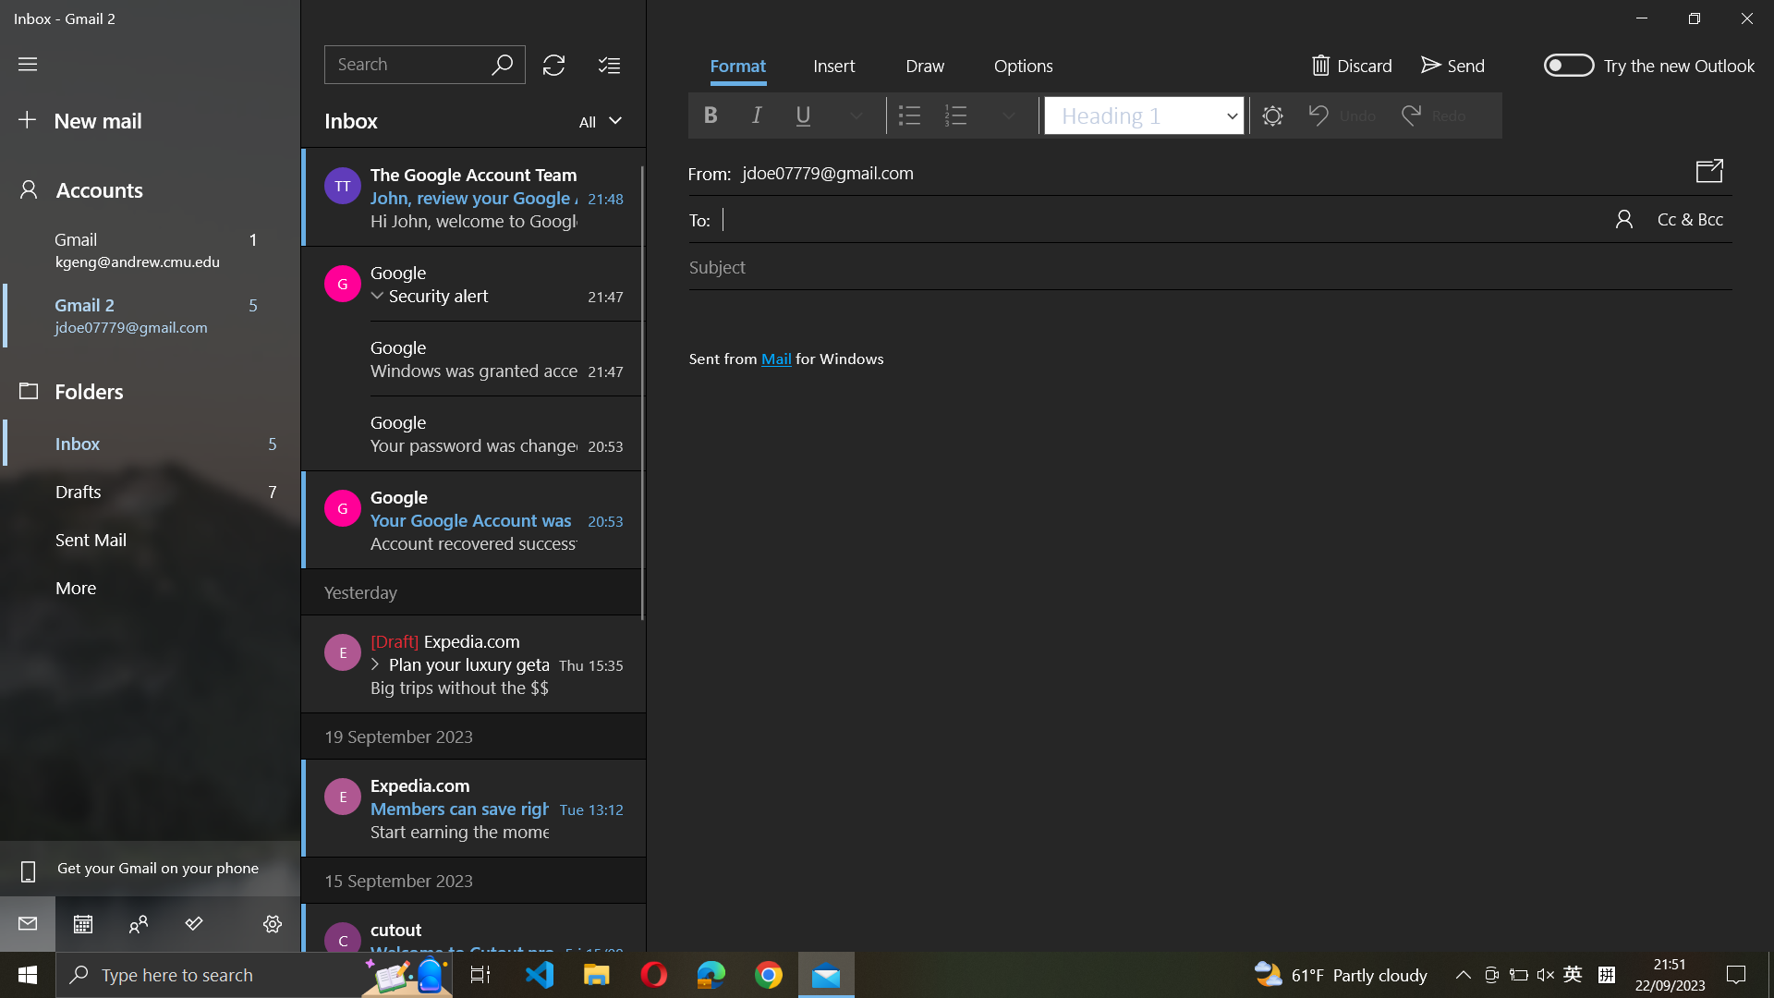 This screenshot has width=1774, height=998. Describe the element at coordinates (832, 67) in the screenshot. I see `Click the button to insert image` at that location.